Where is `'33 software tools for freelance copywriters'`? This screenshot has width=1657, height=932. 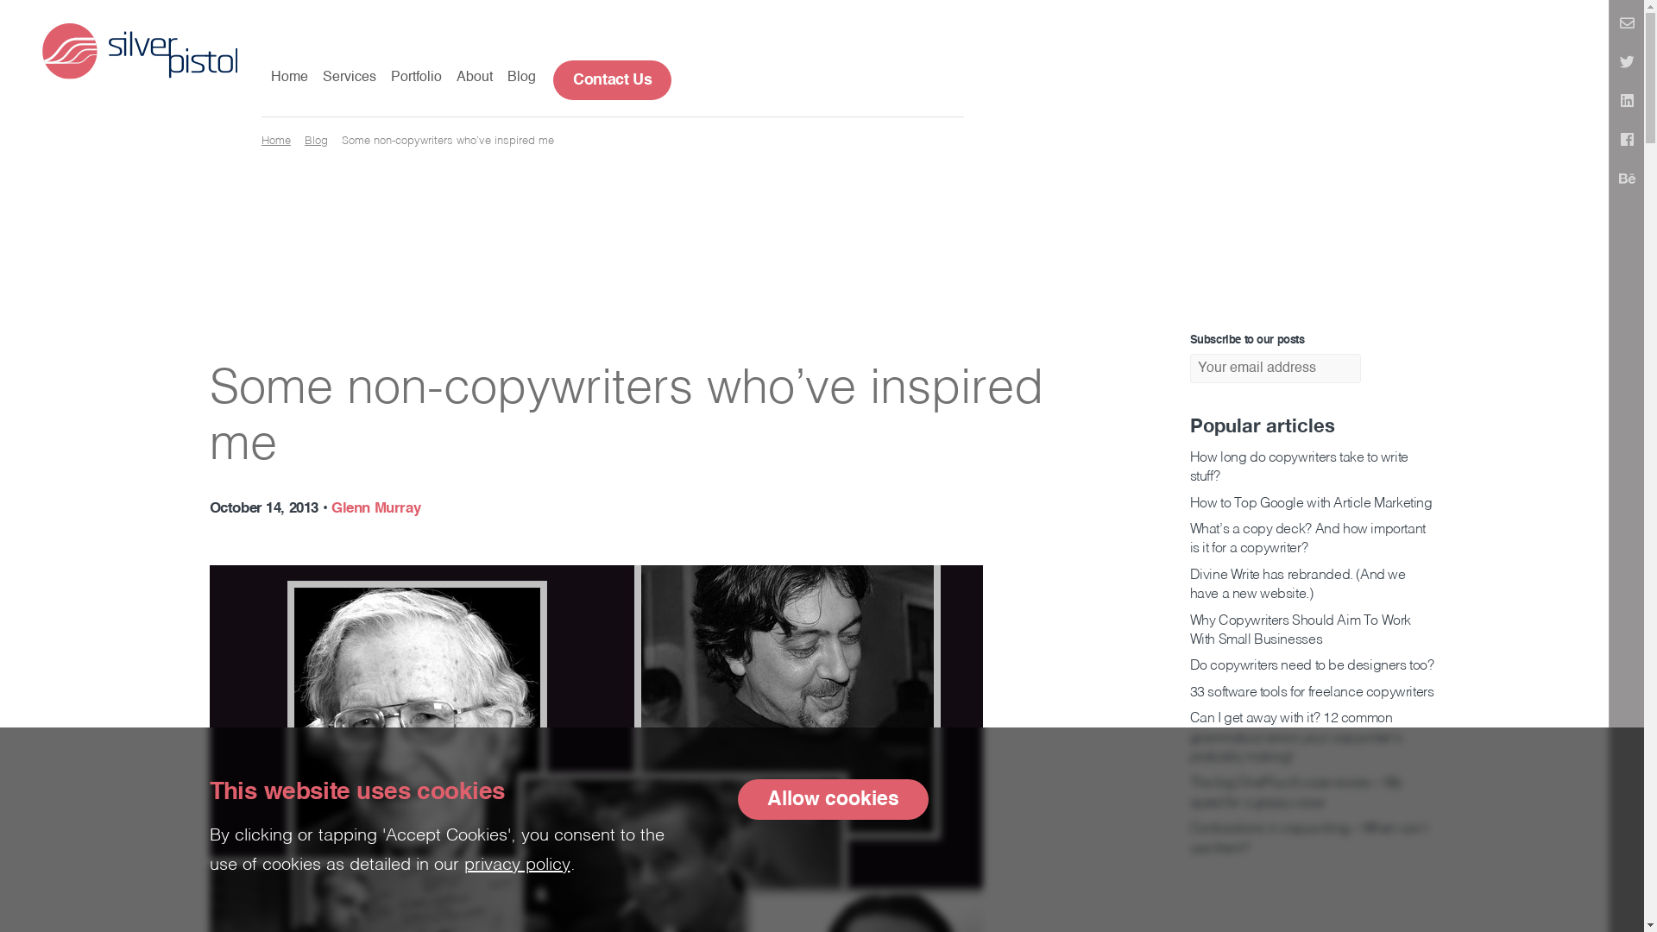
'33 software tools for freelance copywriters' is located at coordinates (1311, 691).